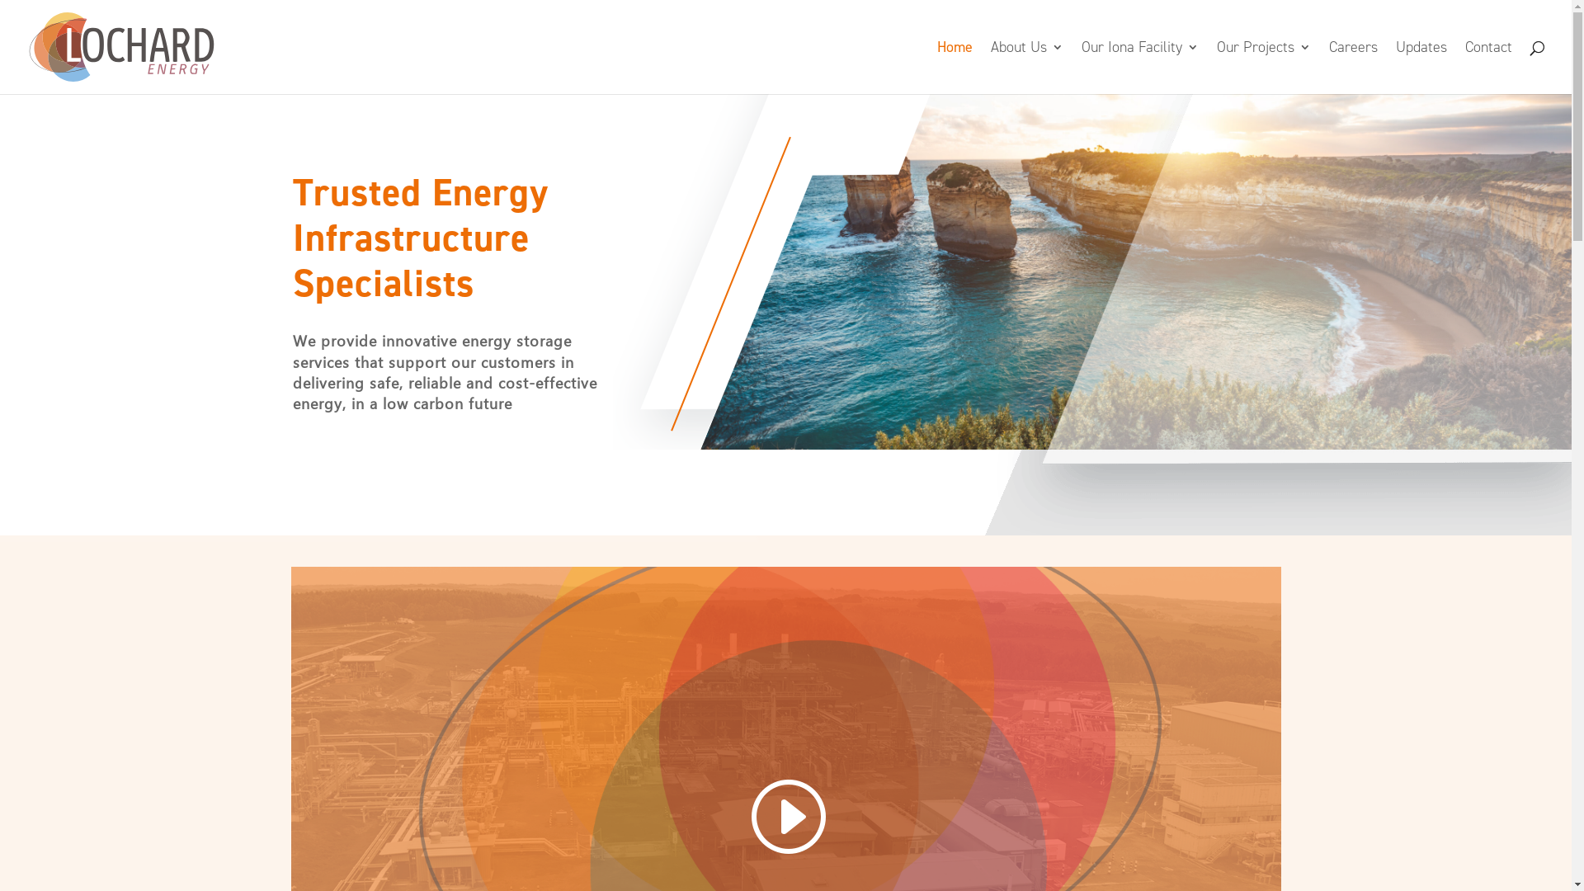 This screenshot has width=1584, height=891. Describe the element at coordinates (1081, 66) in the screenshot. I see `'Our Iona Facility'` at that location.